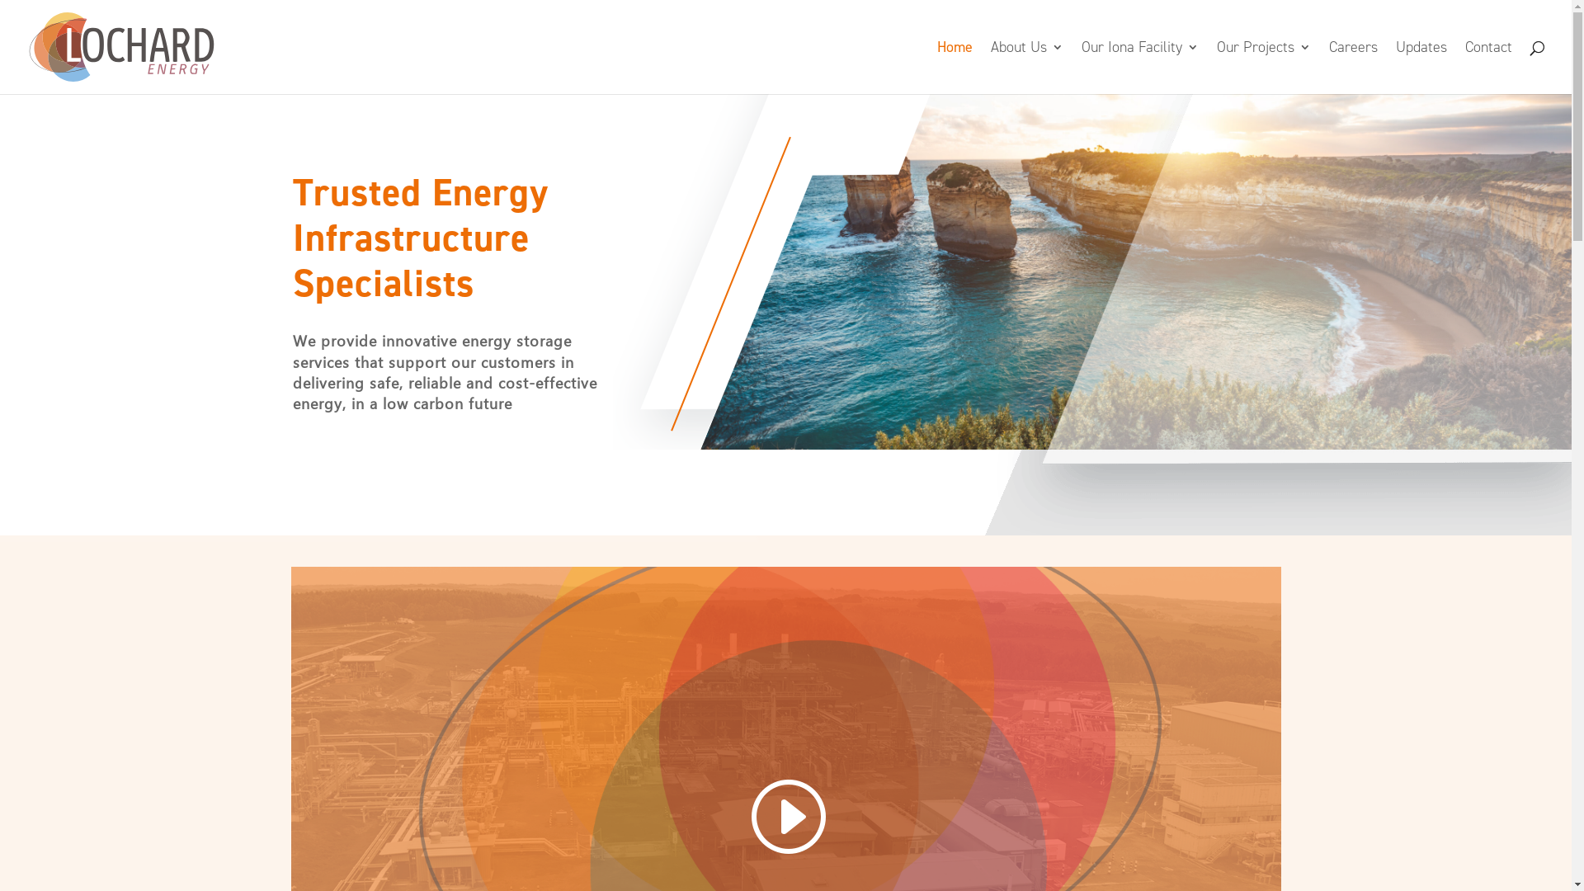 This screenshot has width=1584, height=891. Describe the element at coordinates (1081, 66) in the screenshot. I see `'Our Iona Facility'` at that location.